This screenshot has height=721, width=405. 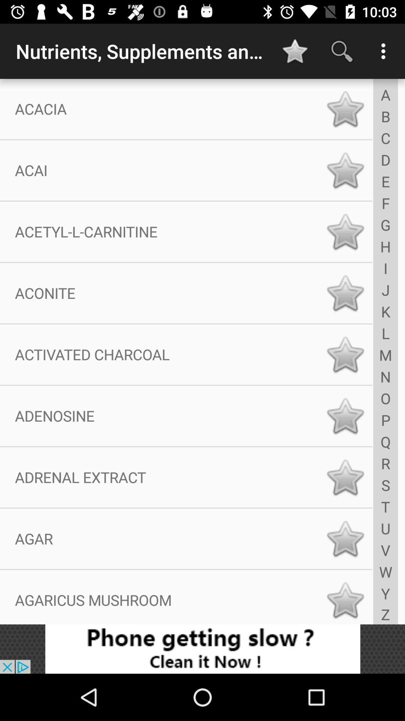 I want to click on as favourite, so click(x=345, y=354).